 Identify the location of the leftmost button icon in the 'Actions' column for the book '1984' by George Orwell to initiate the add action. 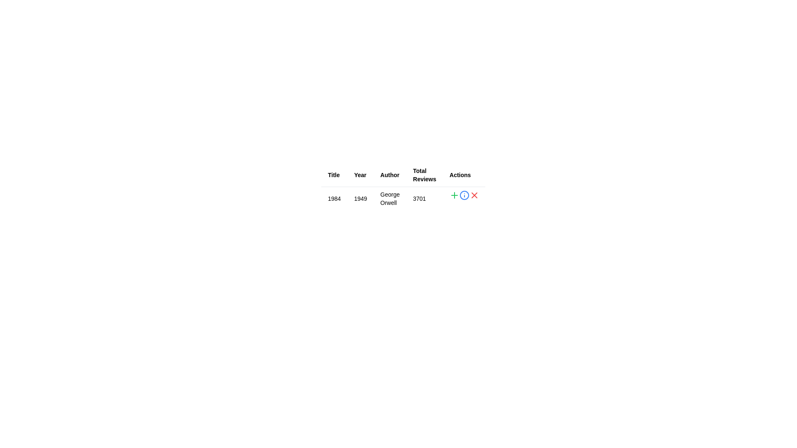
(454, 195).